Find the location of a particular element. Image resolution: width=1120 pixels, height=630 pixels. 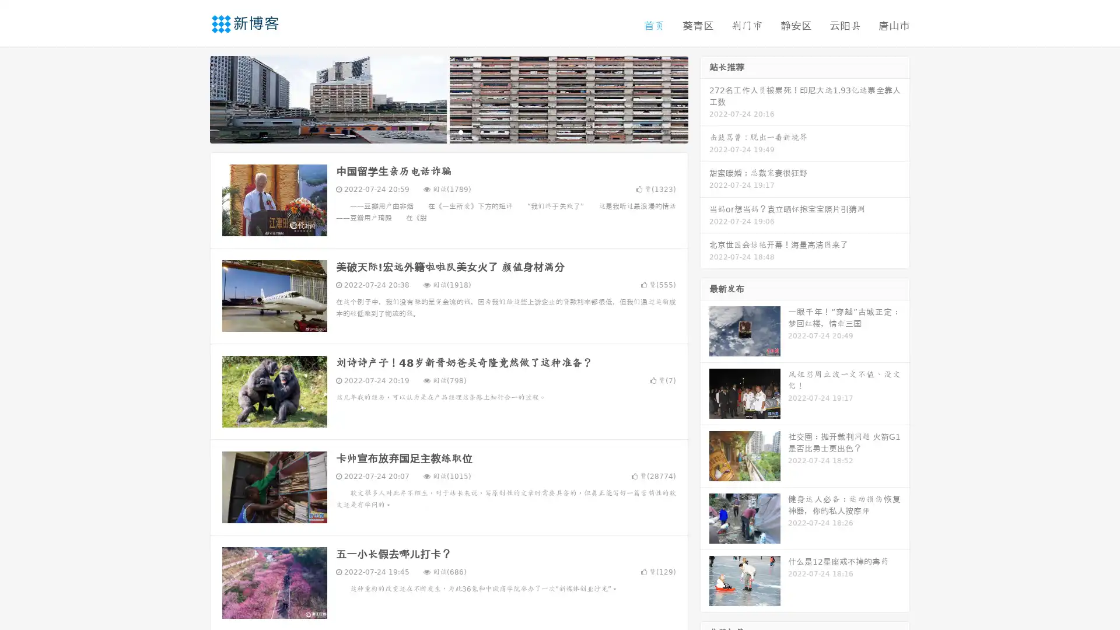

Previous slide is located at coordinates (192, 98).